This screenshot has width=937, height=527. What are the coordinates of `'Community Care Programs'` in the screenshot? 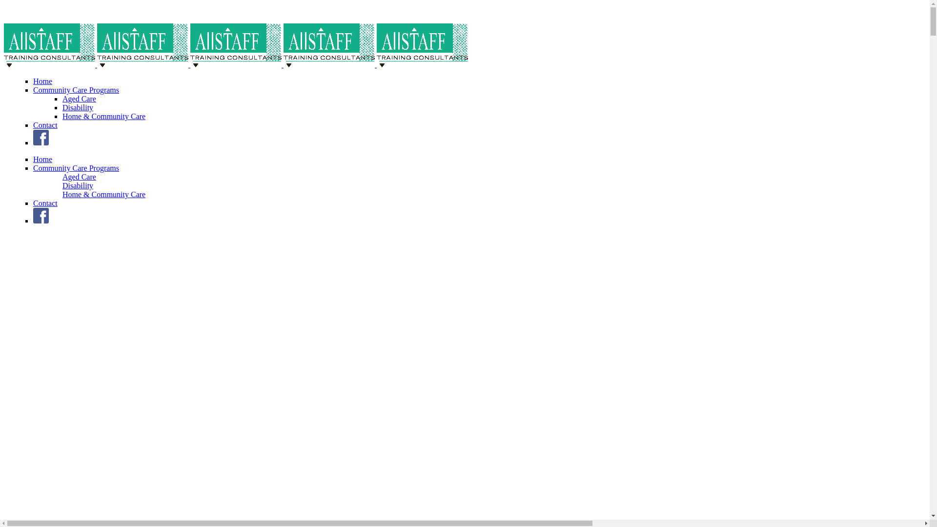 It's located at (75, 167).